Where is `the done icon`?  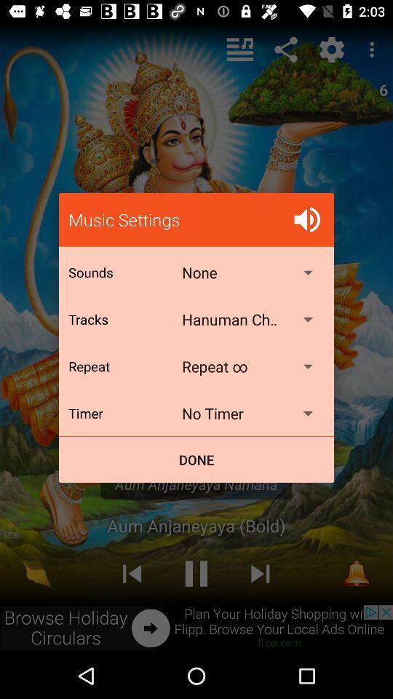
the done icon is located at coordinates (196, 459).